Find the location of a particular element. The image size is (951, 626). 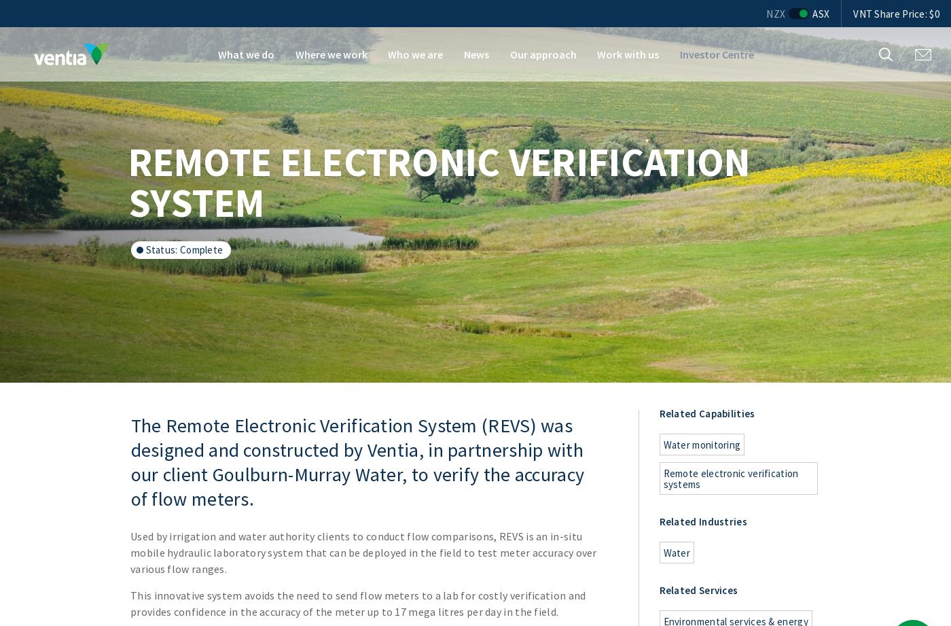

'Industries' is located at coordinates (698, 521).